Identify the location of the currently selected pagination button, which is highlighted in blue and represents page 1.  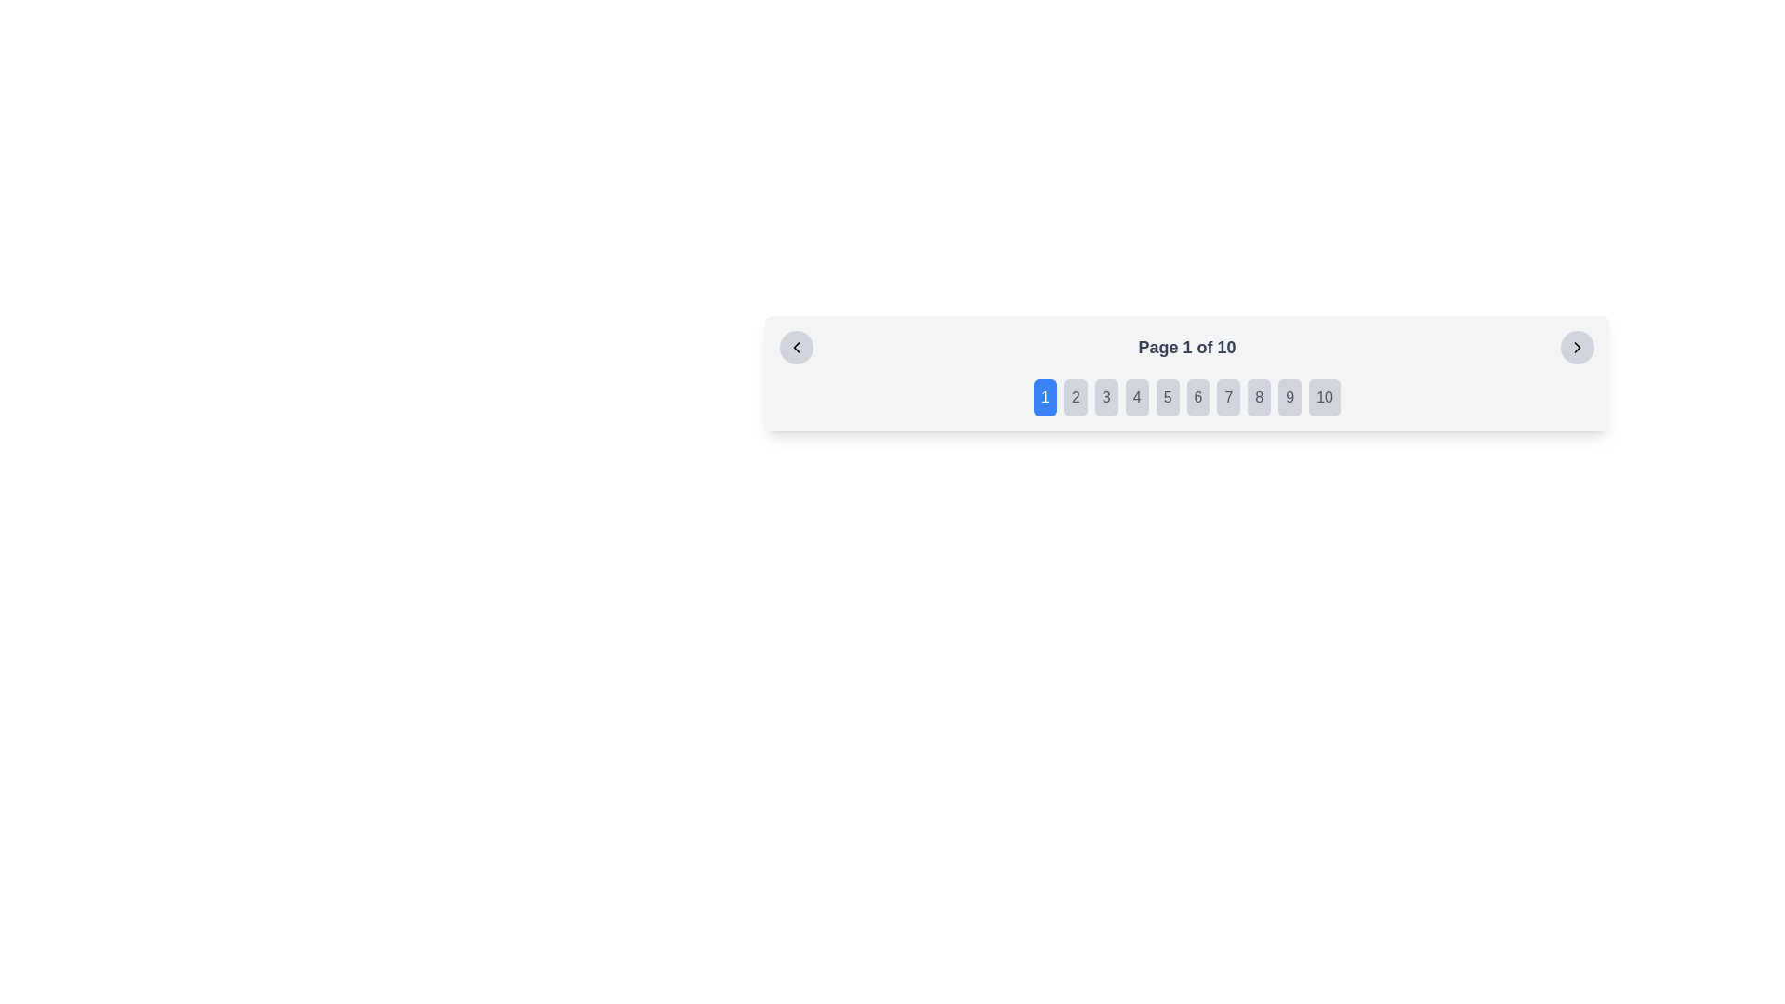
(1185, 397).